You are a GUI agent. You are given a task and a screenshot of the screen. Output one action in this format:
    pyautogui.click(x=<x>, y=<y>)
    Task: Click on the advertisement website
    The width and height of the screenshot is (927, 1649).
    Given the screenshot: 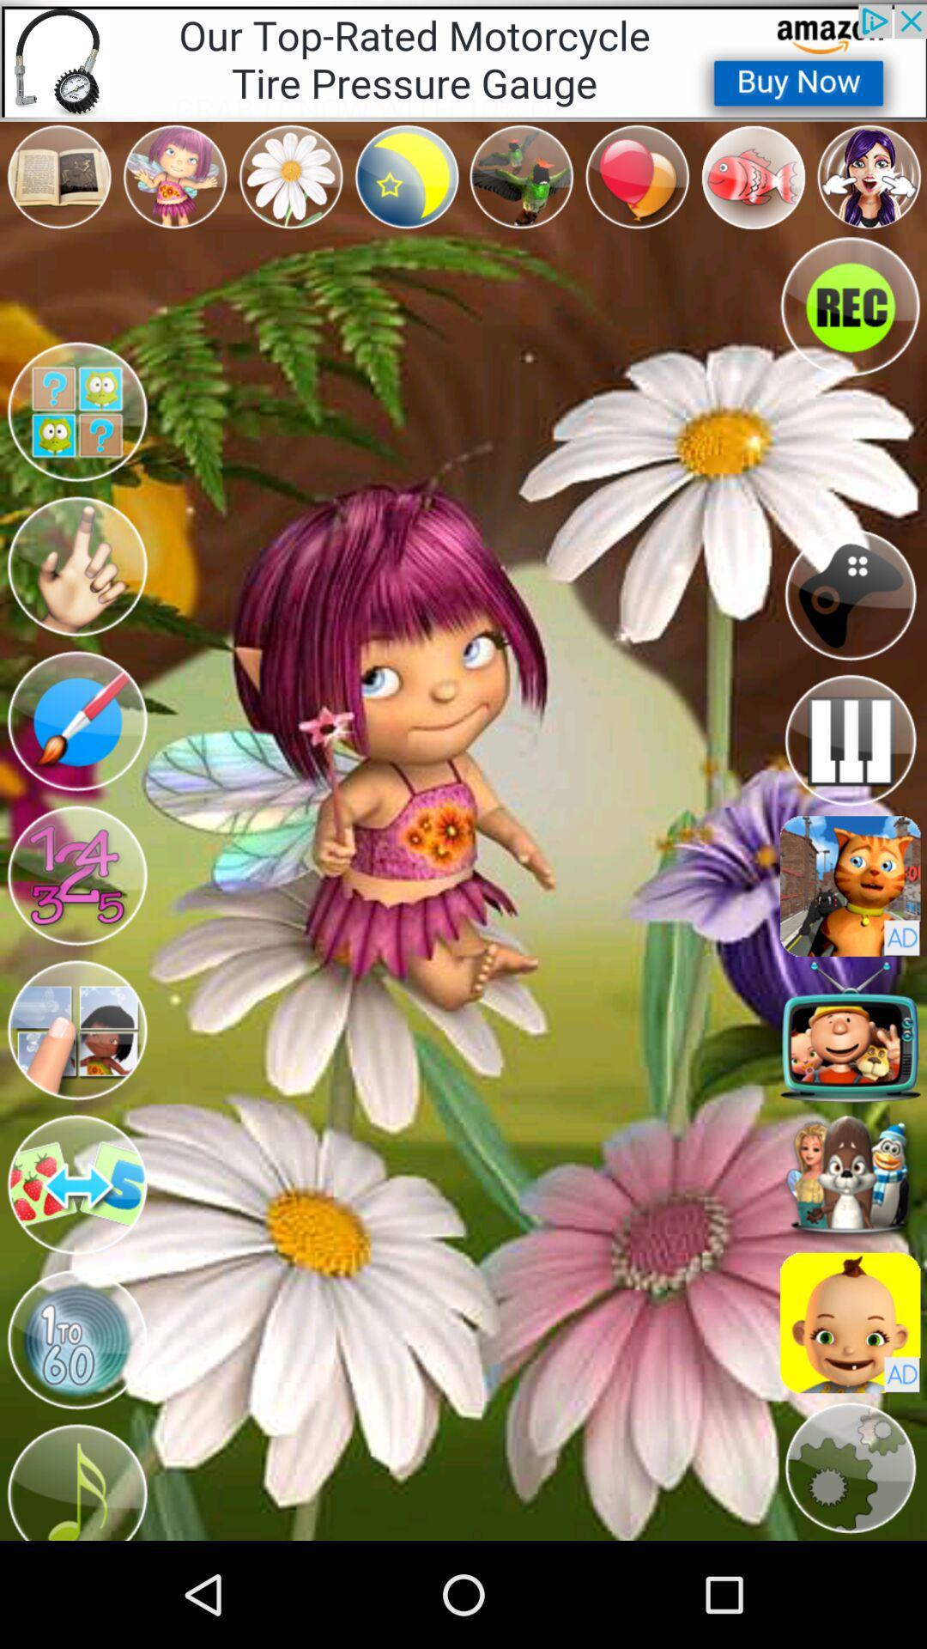 What is the action you would take?
    pyautogui.click(x=850, y=886)
    